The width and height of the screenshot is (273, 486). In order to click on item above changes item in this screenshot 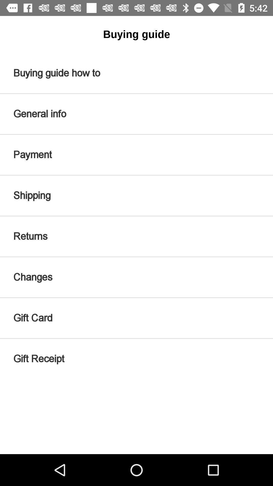, I will do `click(136, 236)`.